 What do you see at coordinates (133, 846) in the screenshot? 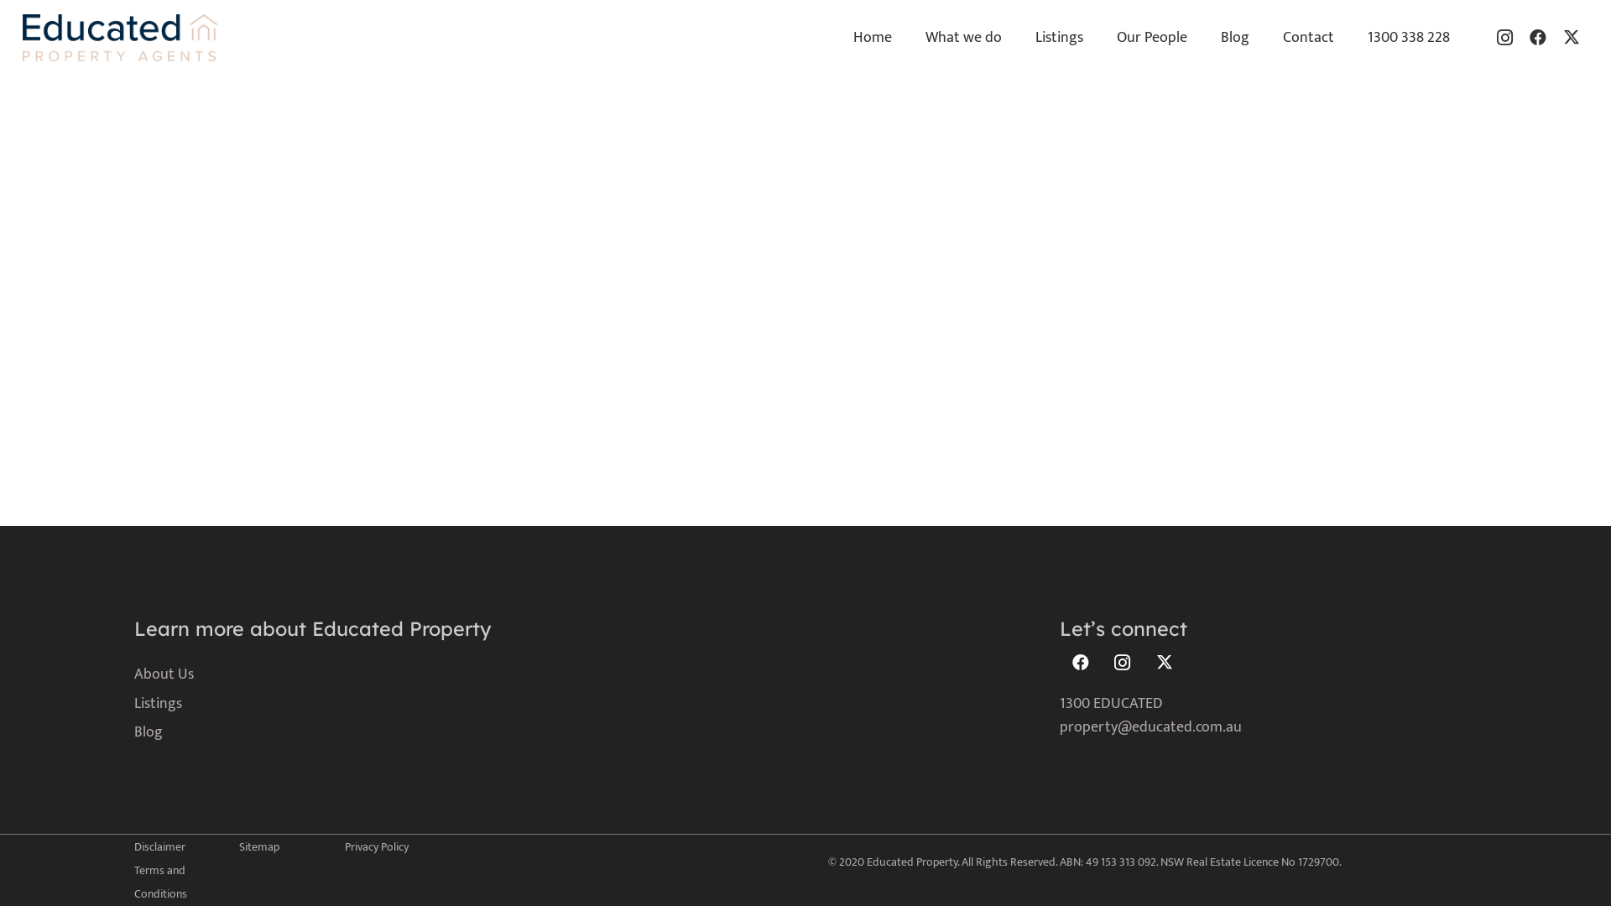
I see `'Disclaimer'` at bounding box center [133, 846].